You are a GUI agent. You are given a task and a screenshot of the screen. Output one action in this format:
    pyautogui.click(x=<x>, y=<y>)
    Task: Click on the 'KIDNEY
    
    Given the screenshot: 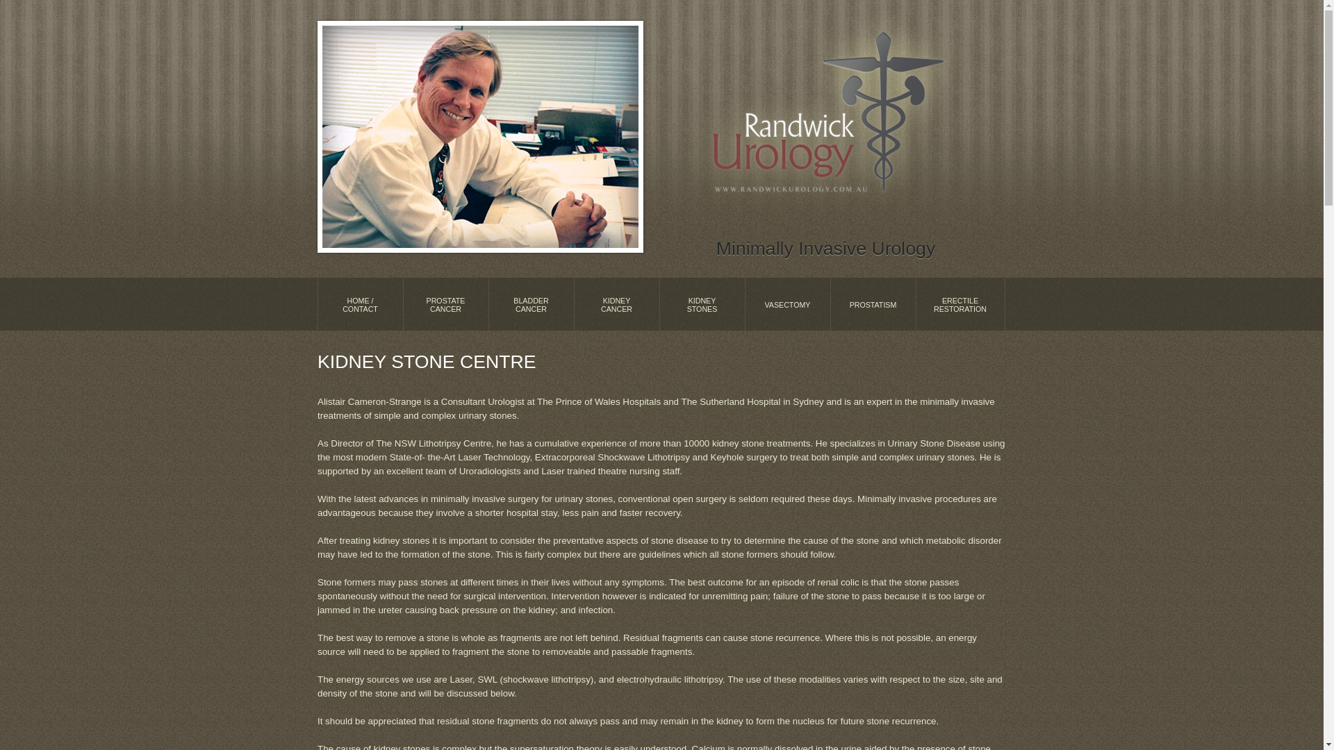 What is the action you would take?
    pyautogui.click(x=702, y=303)
    